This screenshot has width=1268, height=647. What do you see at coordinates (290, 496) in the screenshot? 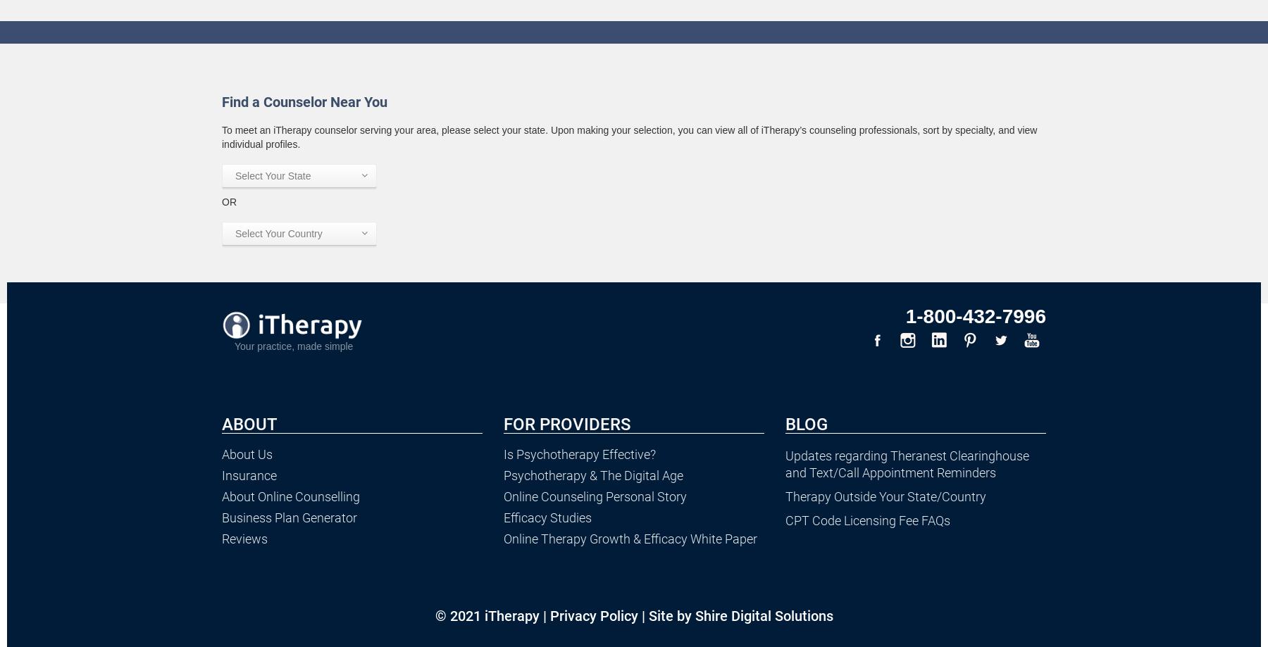
I see `'About Online Counselling'` at bounding box center [290, 496].